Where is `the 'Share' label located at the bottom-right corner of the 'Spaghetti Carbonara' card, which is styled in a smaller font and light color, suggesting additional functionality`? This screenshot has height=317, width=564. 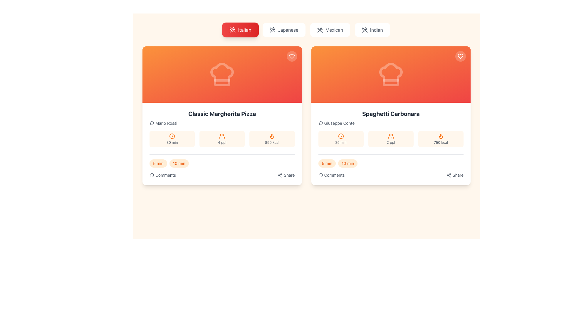 the 'Share' label located at the bottom-right corner of the 'Spaghetti Carbonara' card, which is styled in a smaller font and light color, suggesting additional functionality is located at coordinates (458, 175).